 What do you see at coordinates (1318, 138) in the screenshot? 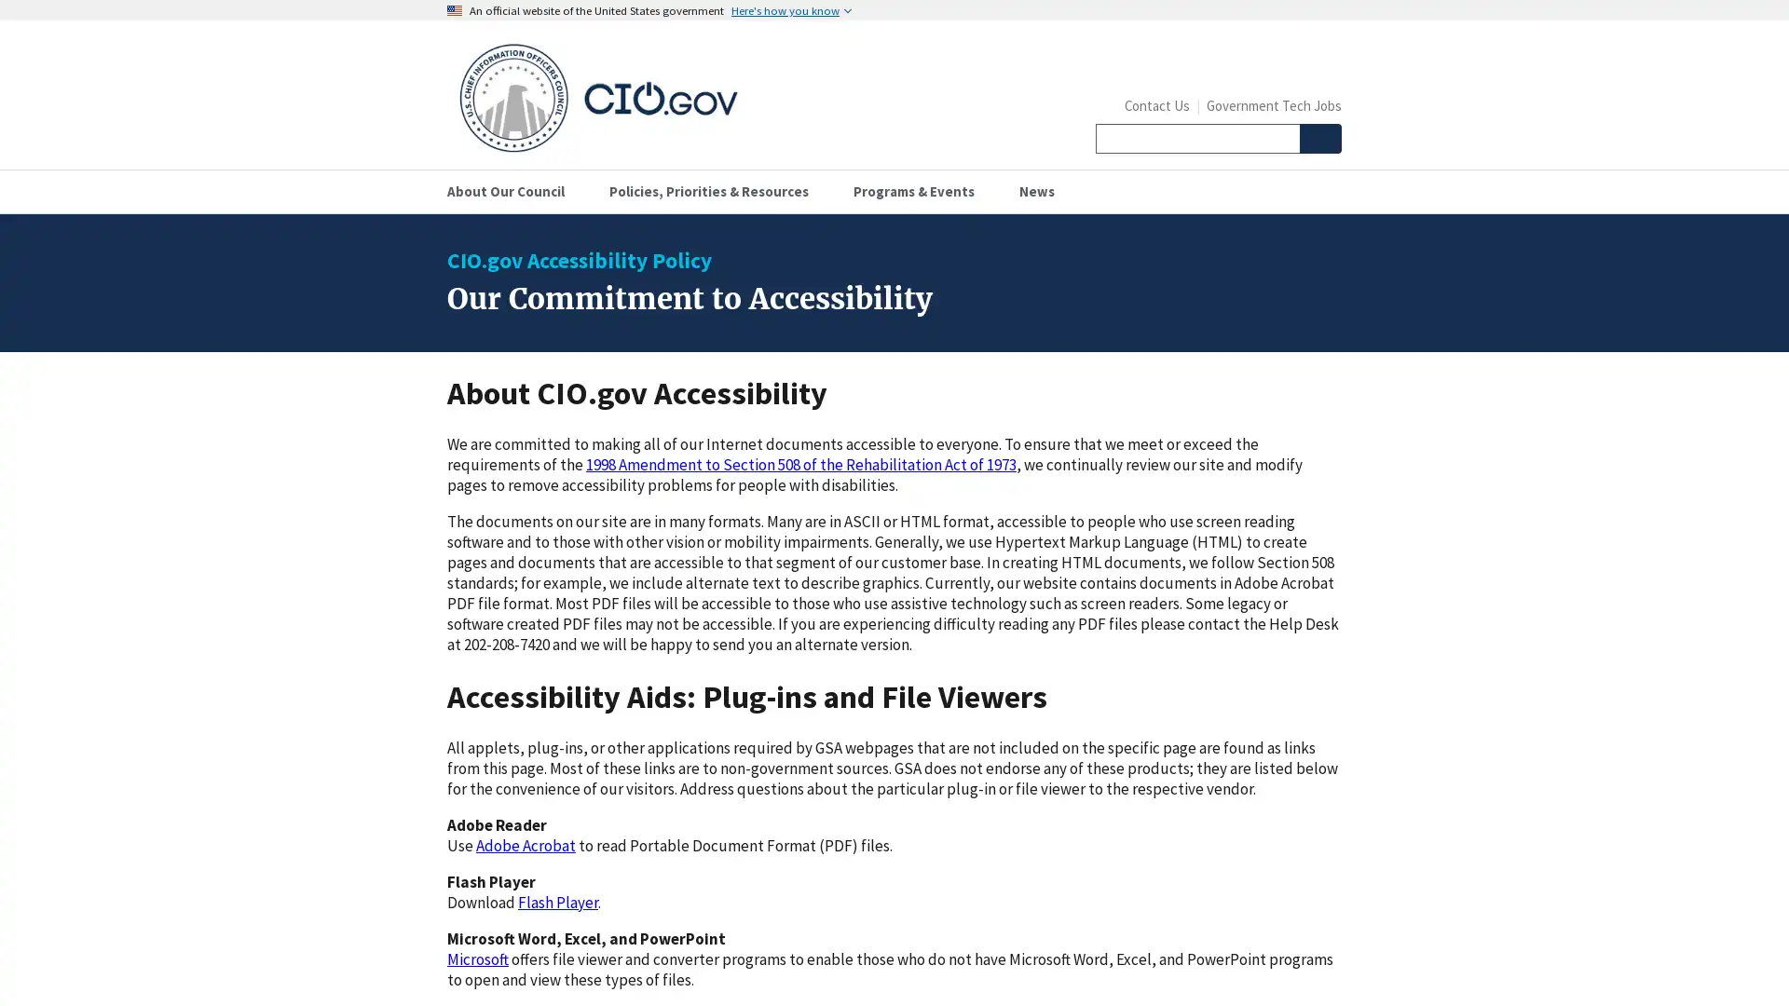
I see `Search` at bounding box center [1318, 138].